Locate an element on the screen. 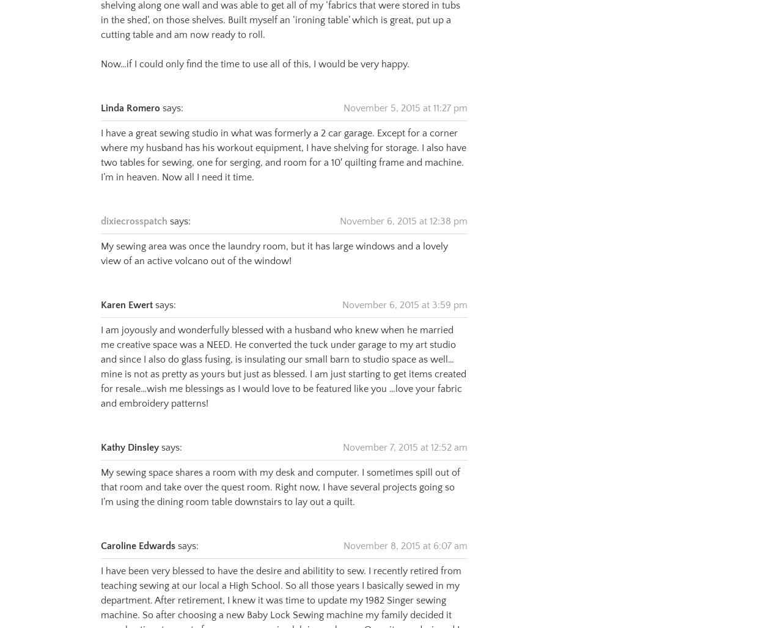  'I am joyously and wonderfully blessed with a husband who knew when he married me creative space was a NEED. He converted the tuck under garage to my art studio and since I also do glass fusing, is insulating our small barn to studio space as well…mine is not as pretty as yours but just as blessed. I am just starting to get items created for resale…wish me blessings as I would love to be featured like you …love your fabric and embroidery patterns!' is located at coordinates (282, 352).